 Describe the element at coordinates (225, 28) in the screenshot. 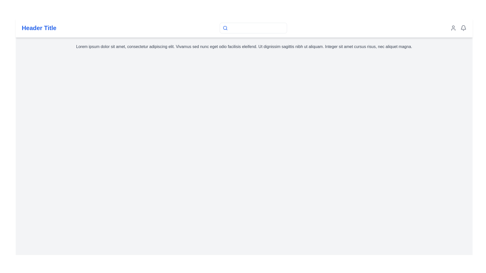

I see `the circular glyph composed of a blue ring with a white center inside the magnifying glass icon located in the header section, to the left of the search input field` at that location.